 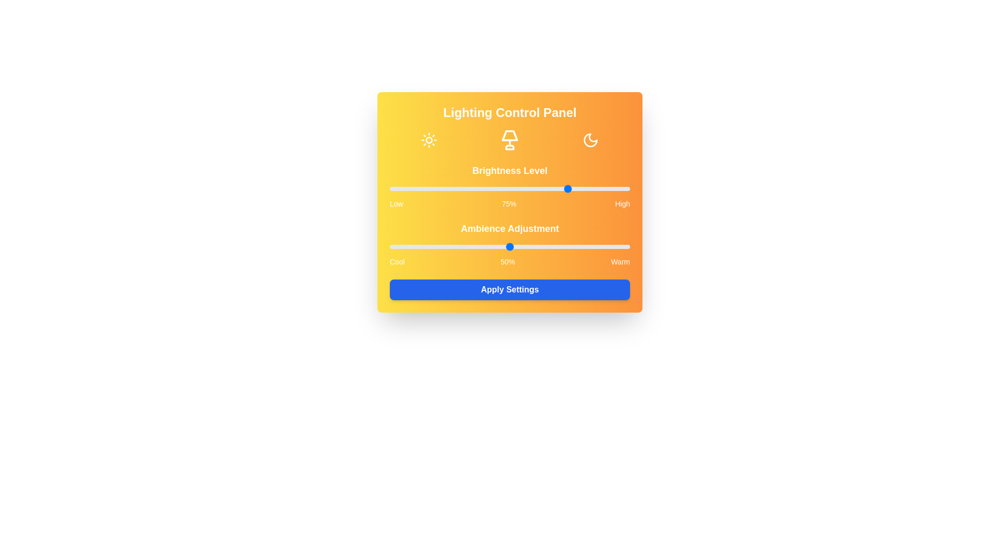 I want to click on the ambiance level to 17% by adjusting the slider, so click(x=430, y=247).